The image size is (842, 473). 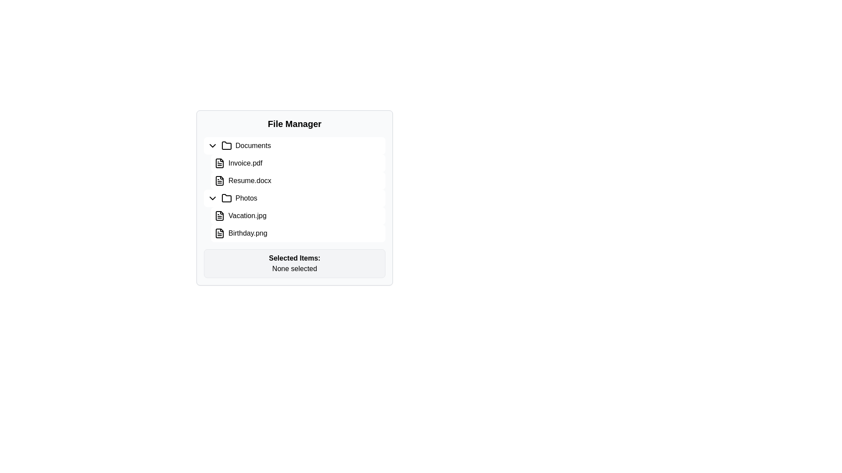 What do you see at coordinates (245, 163) in the screenshot?
I see `on the text label displaying the filename 'Invoice.pdf' in the Documents section of the file manager` at bounding box center [245, 163].